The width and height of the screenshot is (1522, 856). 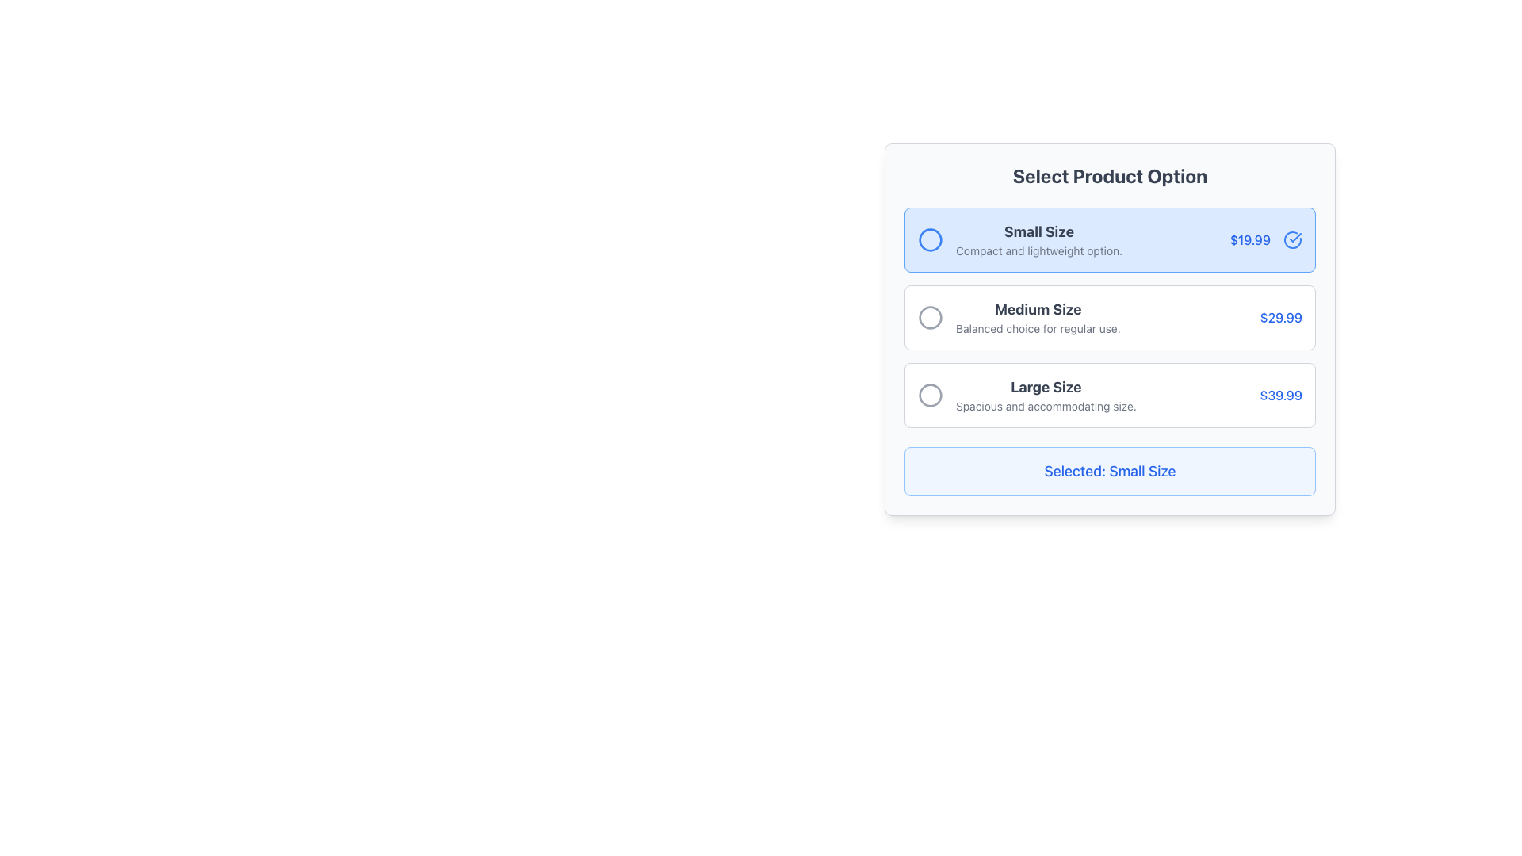 What do you see at coordinates (1038, 232) in the screenshot?
I see `the static text label for the 'Small Size' product option, which is located above the description text and aligned with the selection circle` at bounding box center [1038, 232].